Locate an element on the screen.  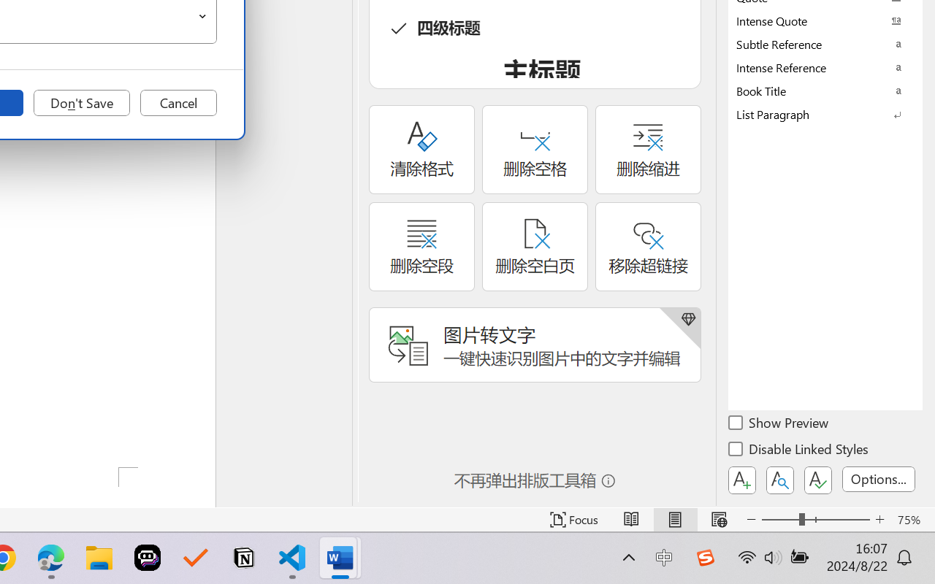
'Notion' is located at coordinates (244, 558).